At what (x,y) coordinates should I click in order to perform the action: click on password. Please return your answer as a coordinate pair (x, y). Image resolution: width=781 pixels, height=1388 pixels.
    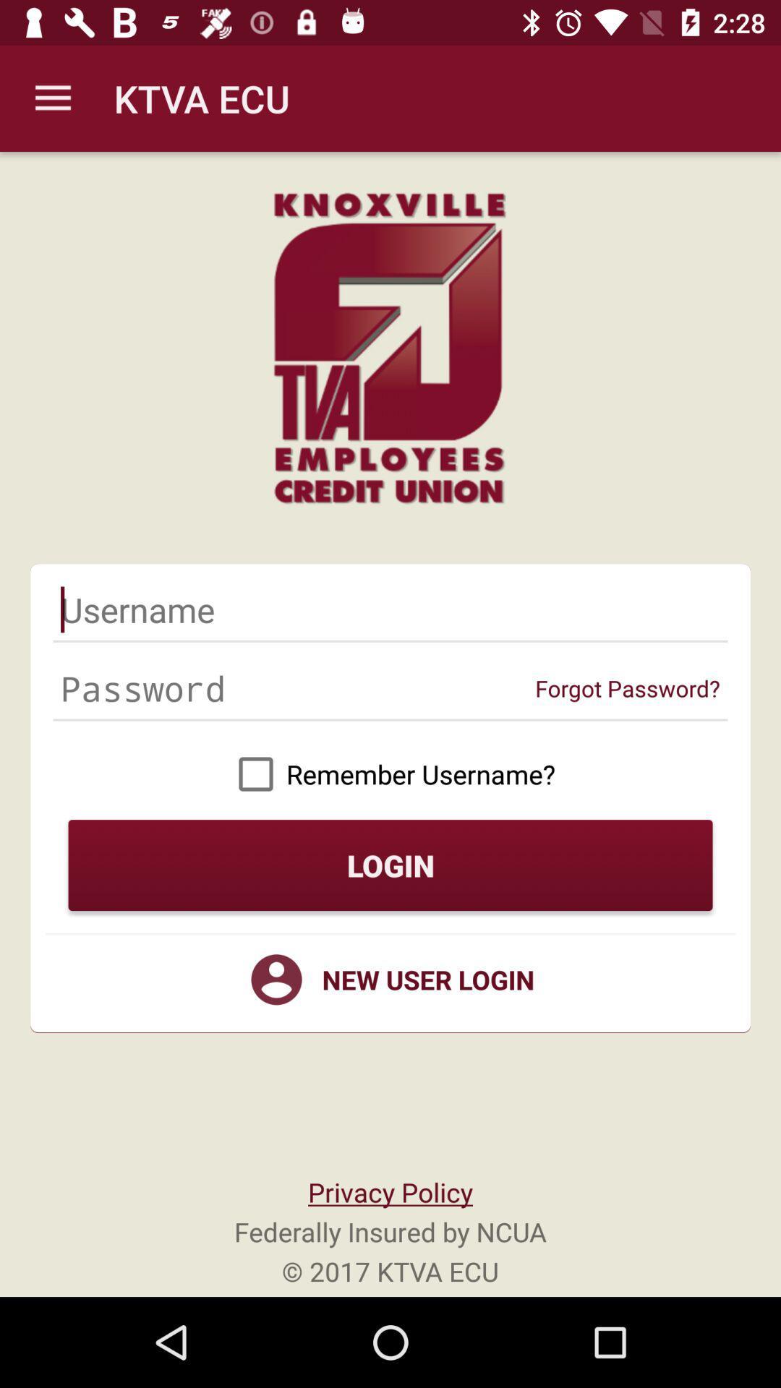
    Looking at the image, I should click on (297, 687).